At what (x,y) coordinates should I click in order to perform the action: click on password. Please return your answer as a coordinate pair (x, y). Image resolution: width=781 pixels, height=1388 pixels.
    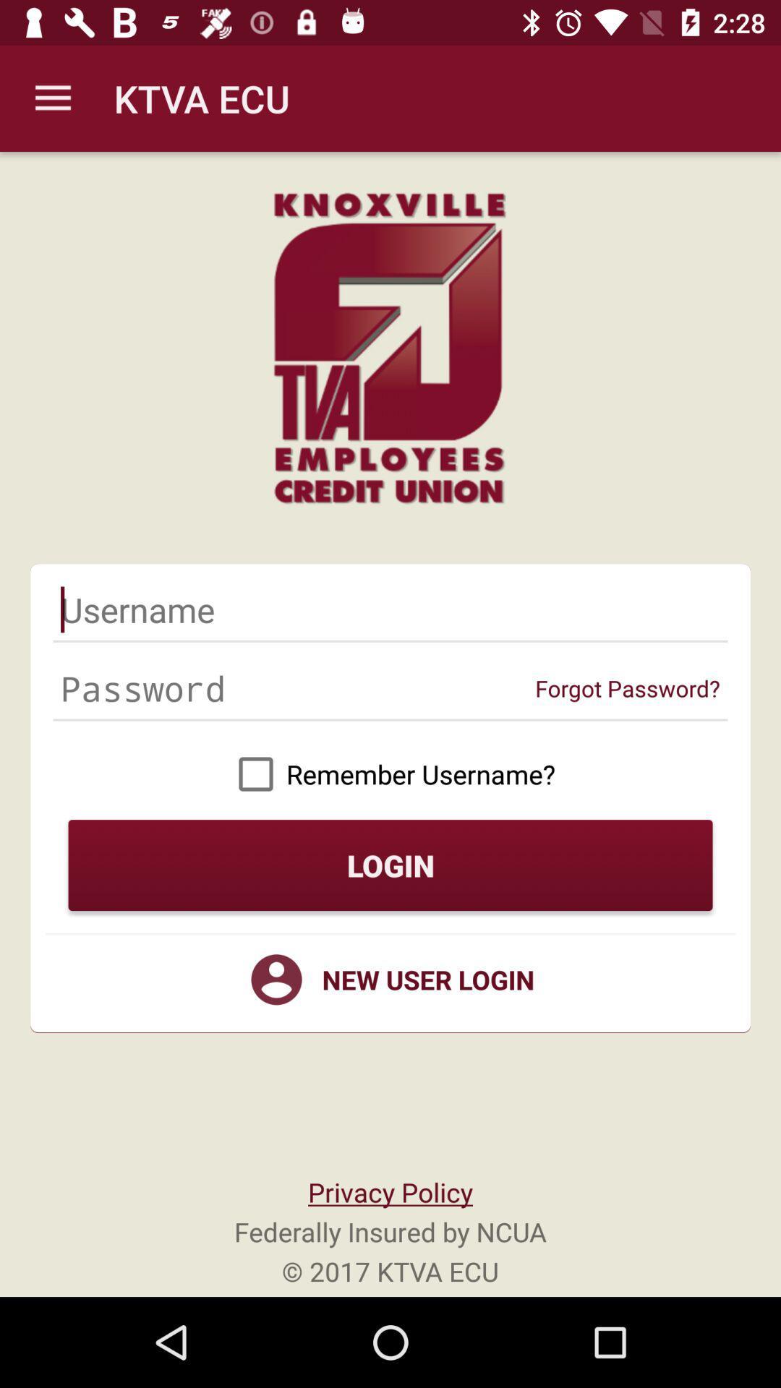
    Looking at the image, I should click on (297, 687).